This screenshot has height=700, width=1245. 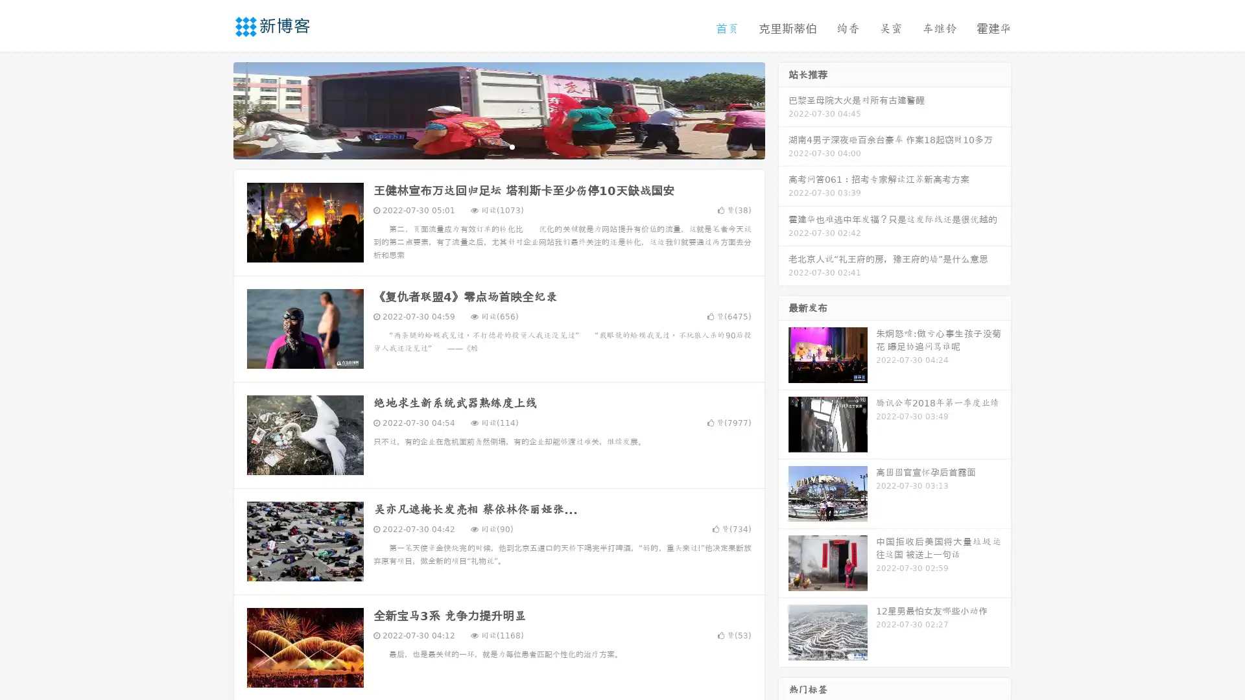 What do you see at coordinates (512, 146) in the screenshot?
I see `Go to slide 3` at bounding box center [512, 146].